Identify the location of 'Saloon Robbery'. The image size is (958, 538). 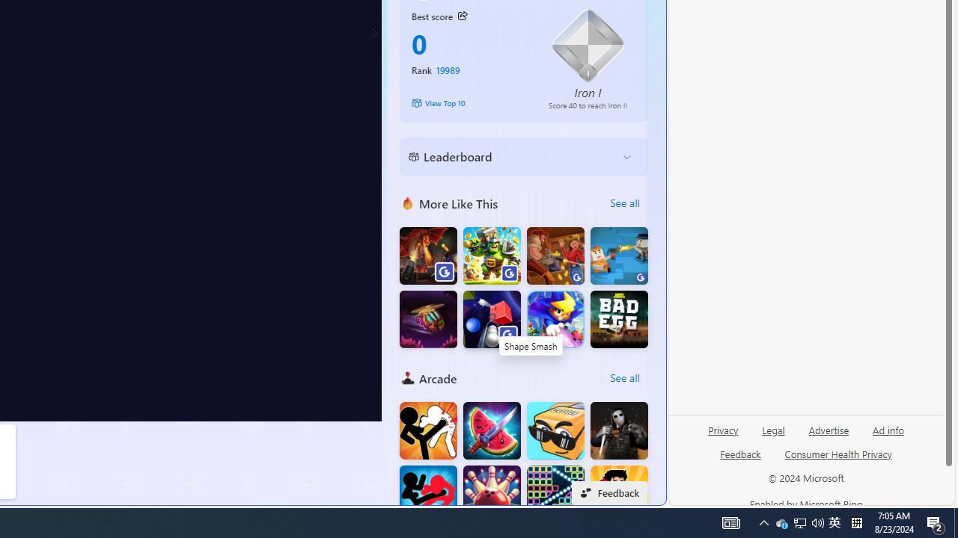
(555, 255).